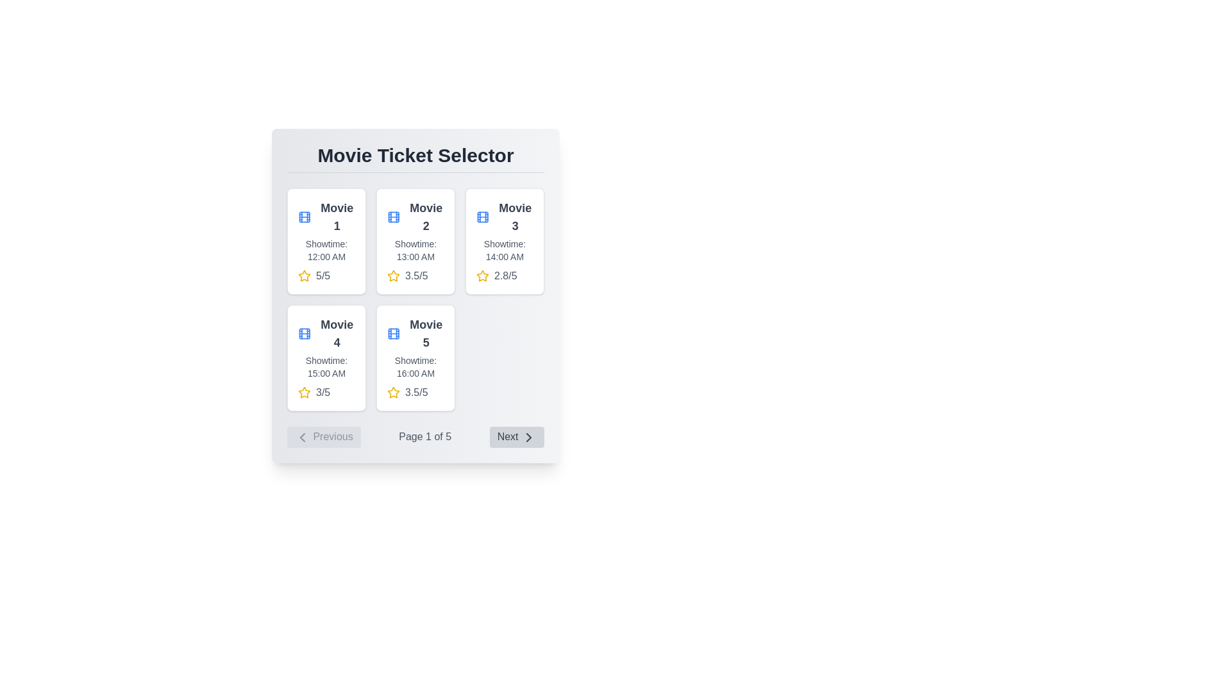  I want to click on the movie card located in the lower right corner of the 3x2 grid, which presents detailed information about a movie including its title, showtime, and rating, so click(415, 358).